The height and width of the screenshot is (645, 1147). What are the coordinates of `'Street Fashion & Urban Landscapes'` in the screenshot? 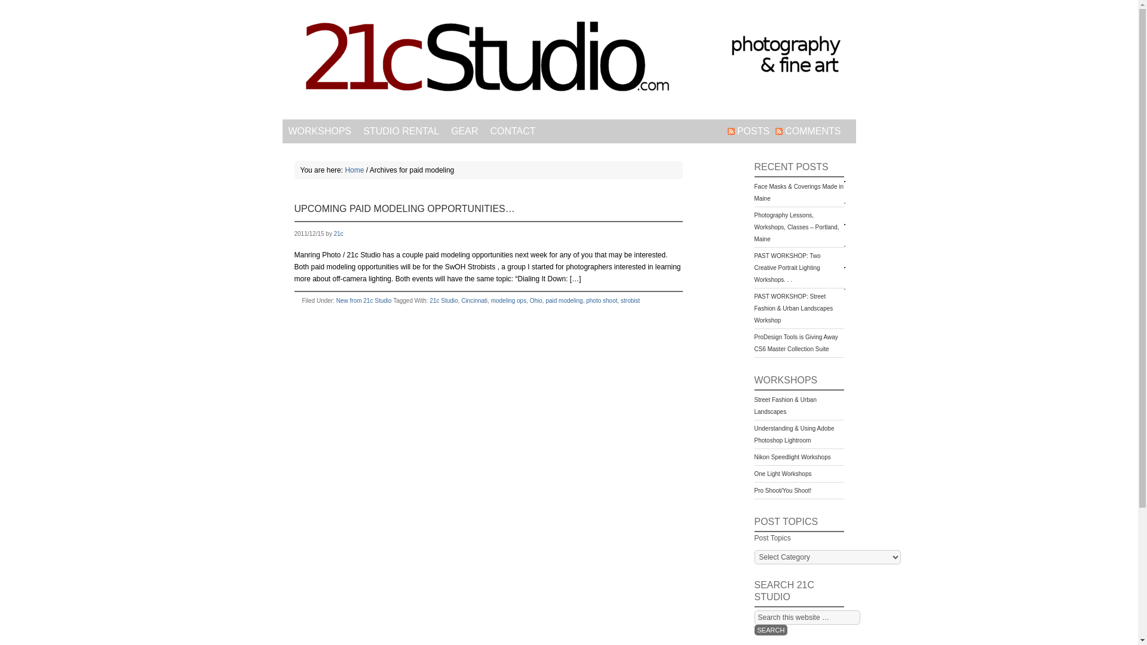 It's located at (785, 405).